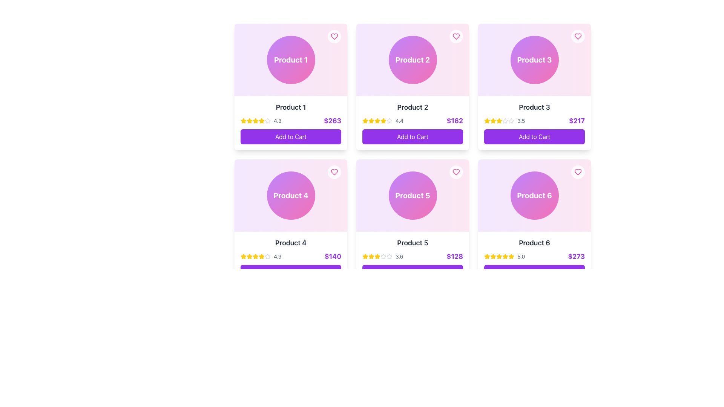 This screenshot has width=724, height=407. I want to click on the second star icon in the rating component of the third product card from the top-left, located under the 'Product 3' label, so click(505, 120).